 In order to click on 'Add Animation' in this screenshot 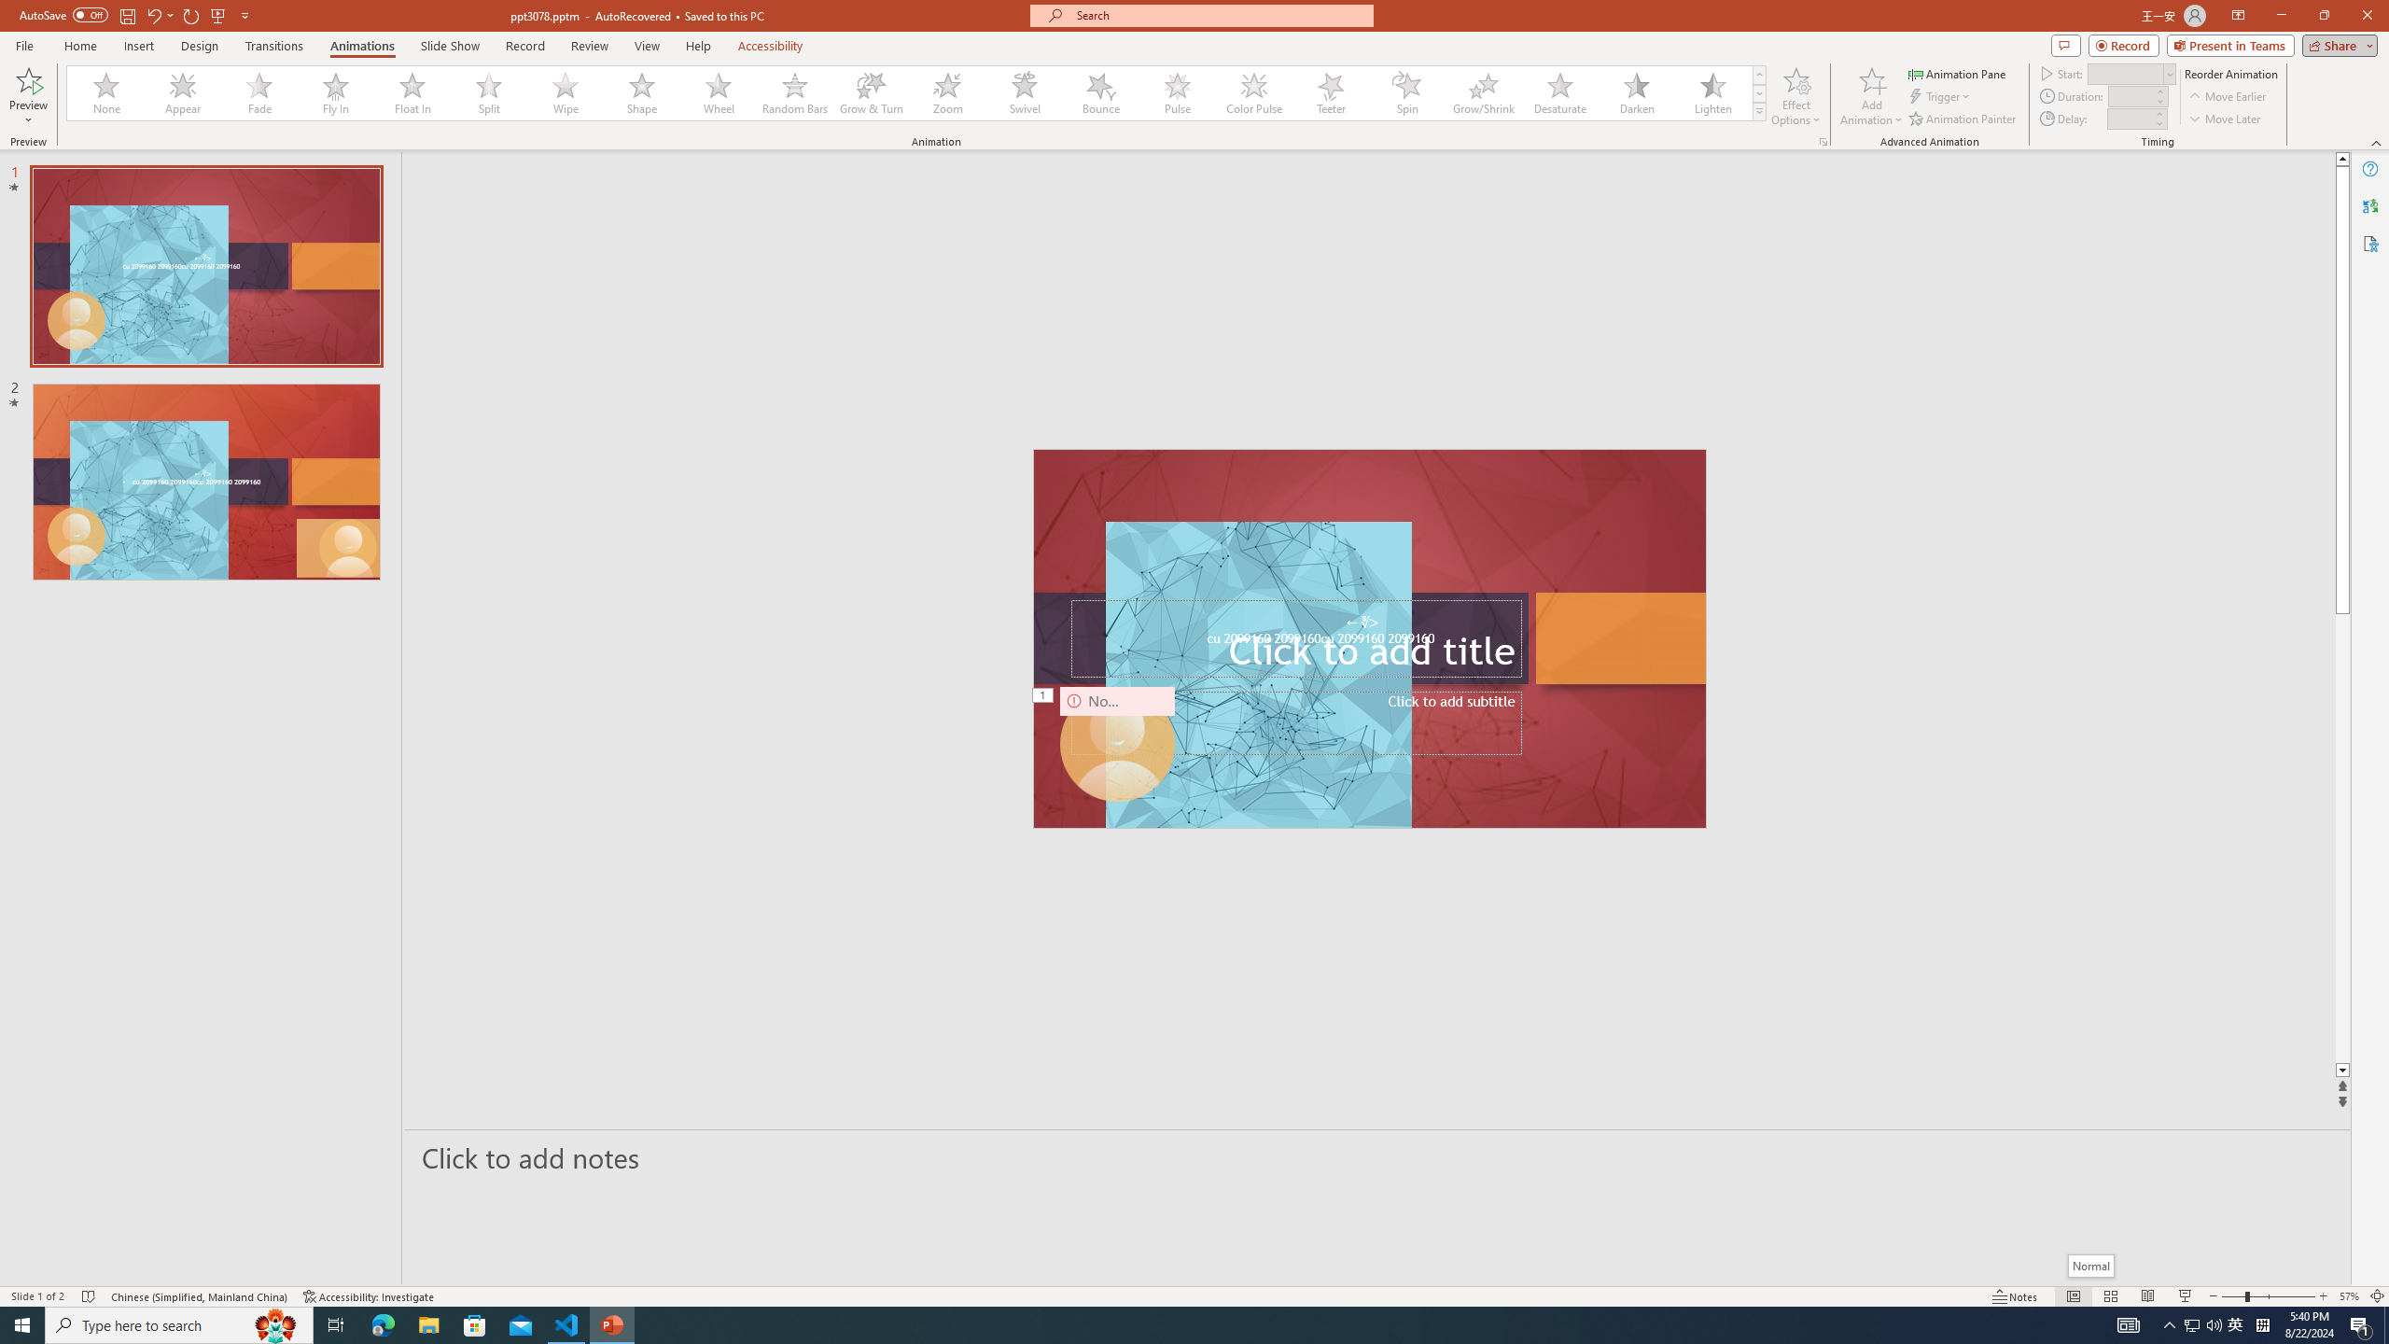, I will do `click(1872, 96)`.